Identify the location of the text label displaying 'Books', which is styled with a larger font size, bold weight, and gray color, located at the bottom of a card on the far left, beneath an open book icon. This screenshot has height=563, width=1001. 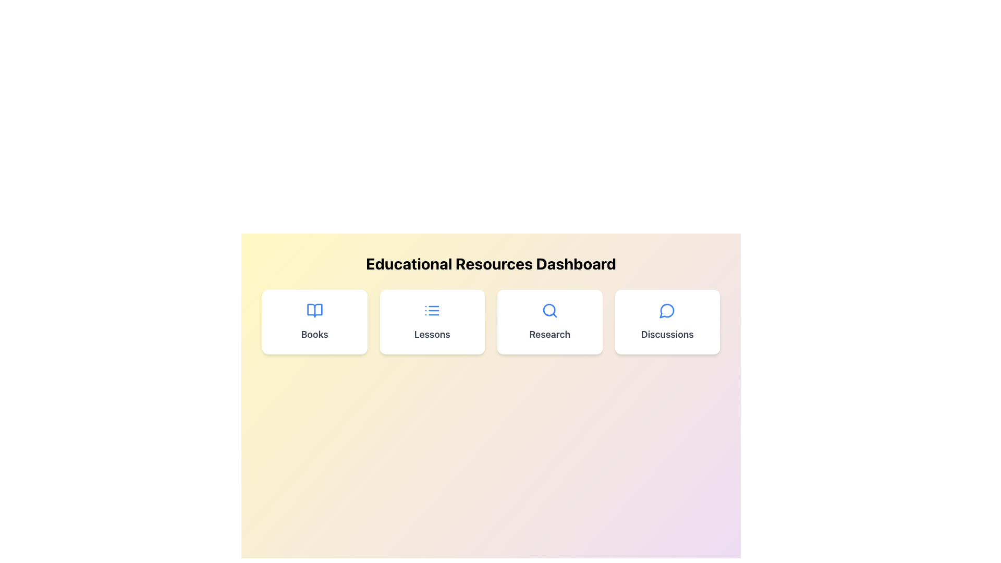
(314, 334).